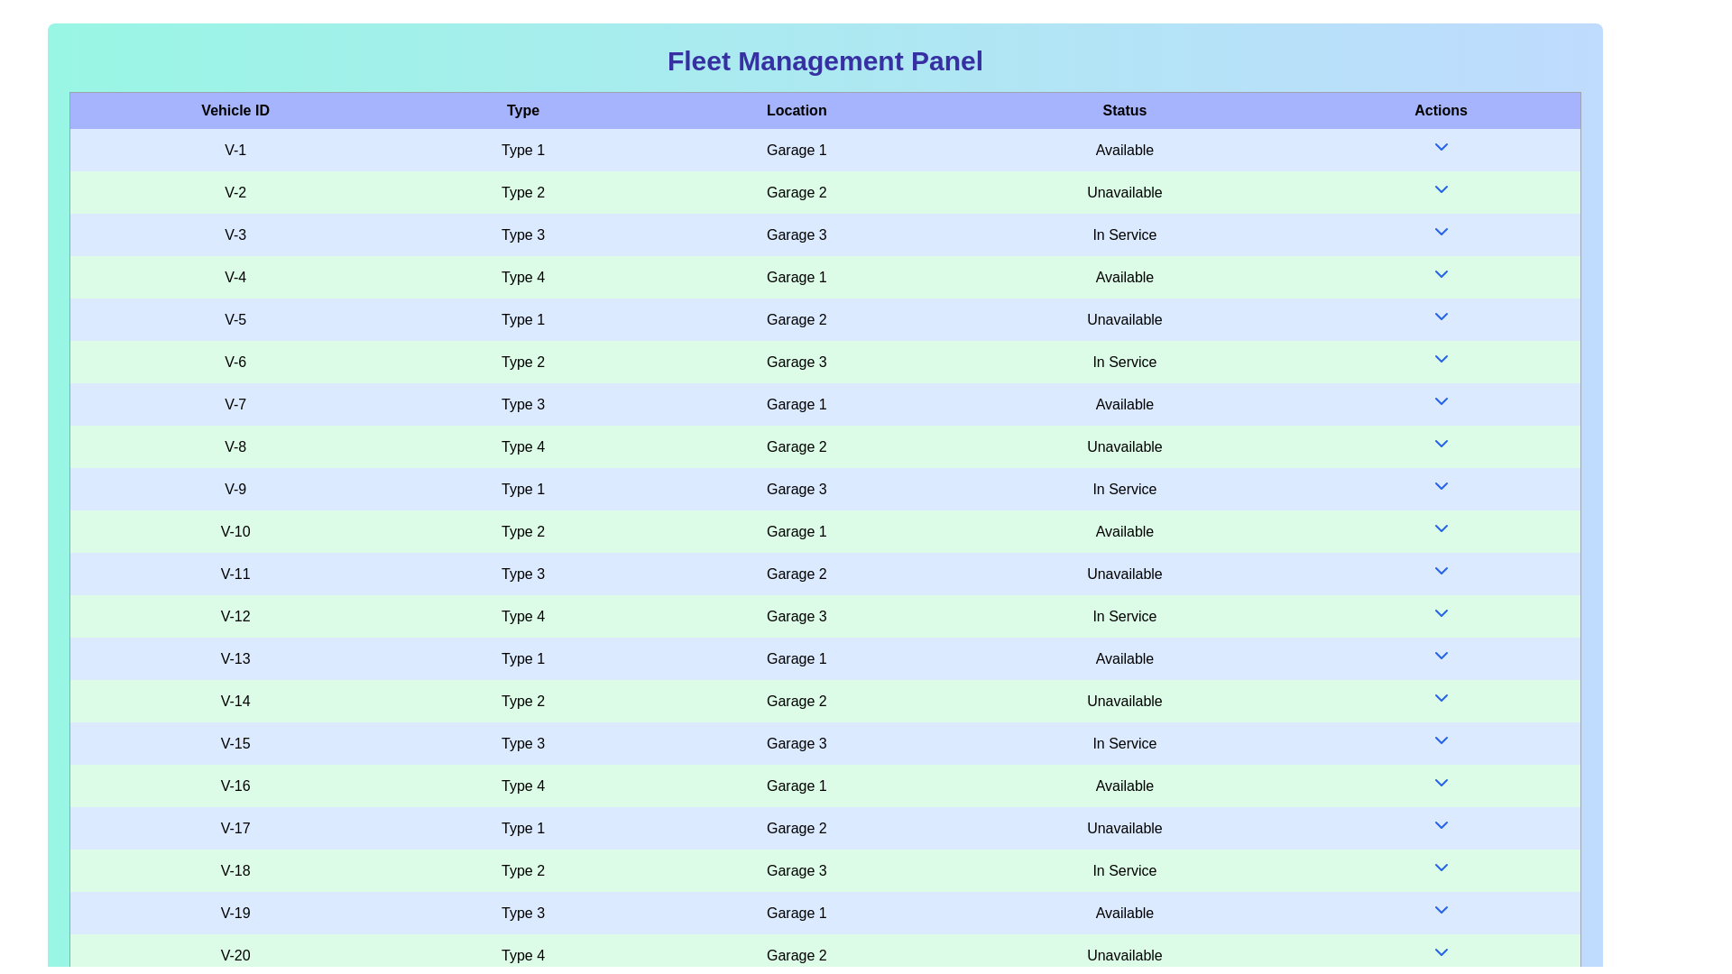 Image resolution: width=1732 pixels, height=974 pixels. What do you see at coordinates (796, 110) in the screenshot?
I see `the column header 'Location' to sort the table by that column` at bounding box center [796, 110].